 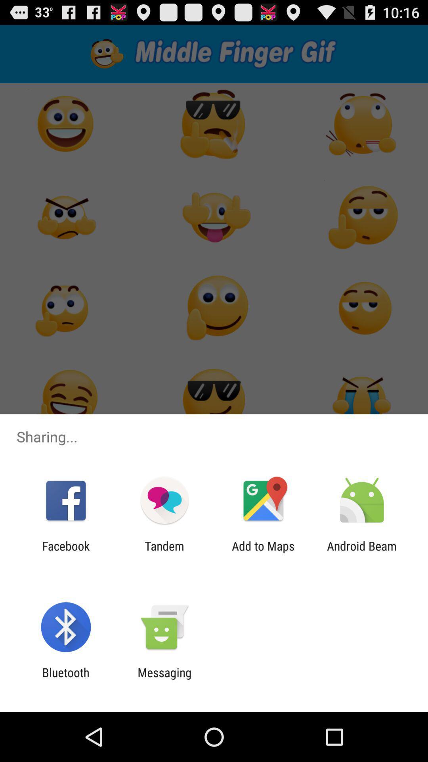 What do you see at coordinates (65, 679) in the screenshot?
I see `the item next to messaging icon` at bounding box center [65, 679].